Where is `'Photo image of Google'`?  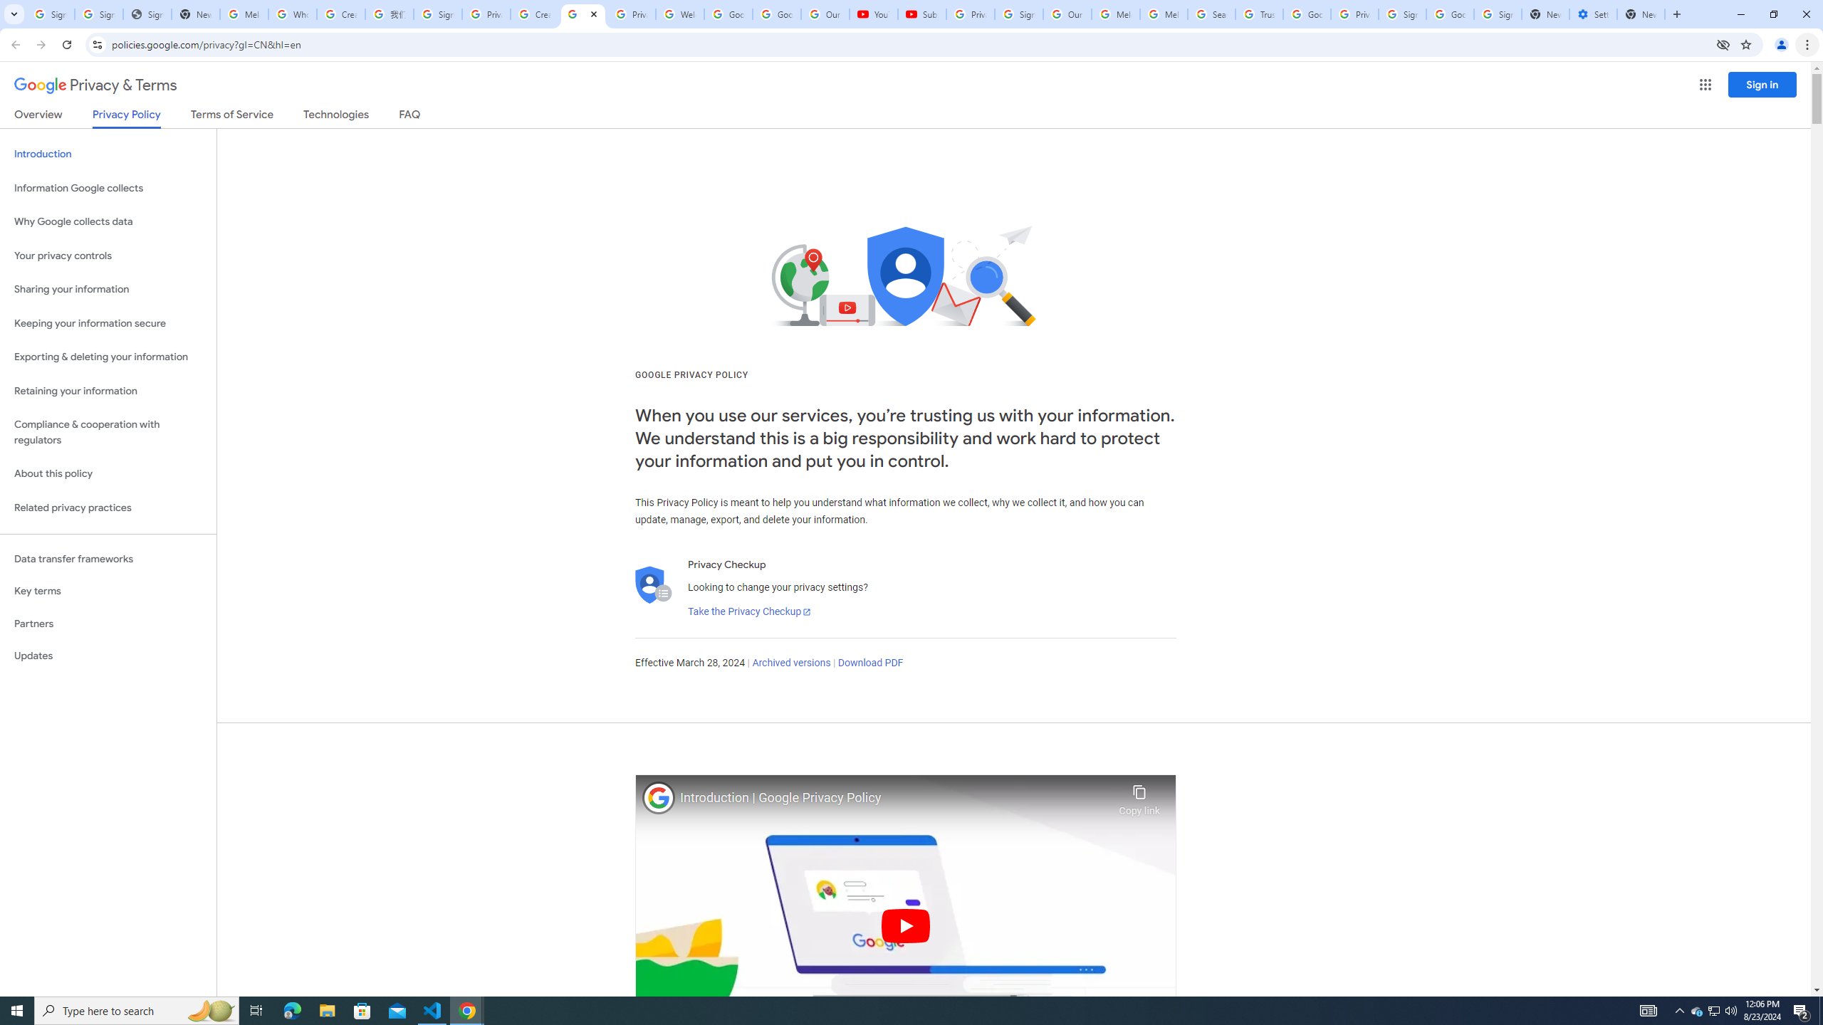
'Photo image of Google' is located at coordinates (659, 797).